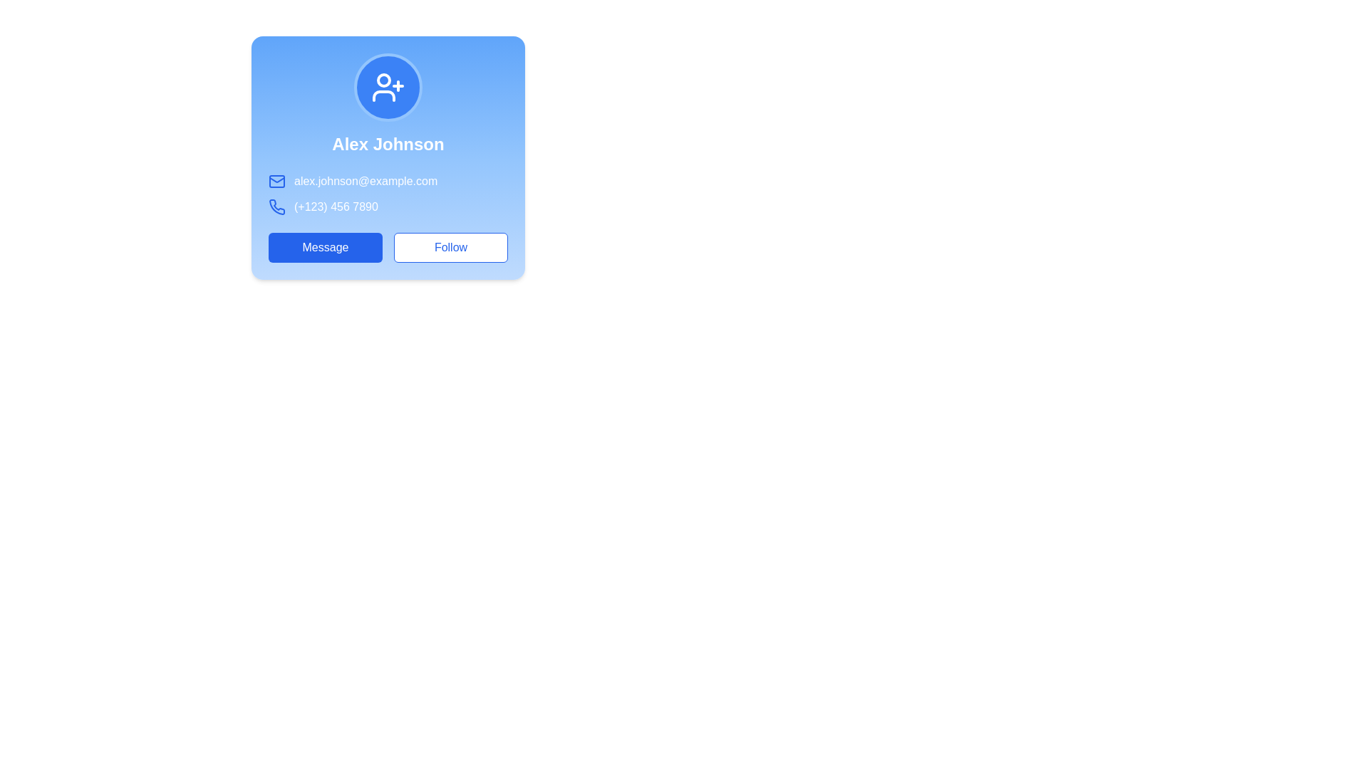 Image resolution: width=1368 pixels, height=769 pixels. I want to click on the Text Label that displays the name 'Alex Johnson', which is centrally aligned below the icon and above the contact details section, so click(388, 145).